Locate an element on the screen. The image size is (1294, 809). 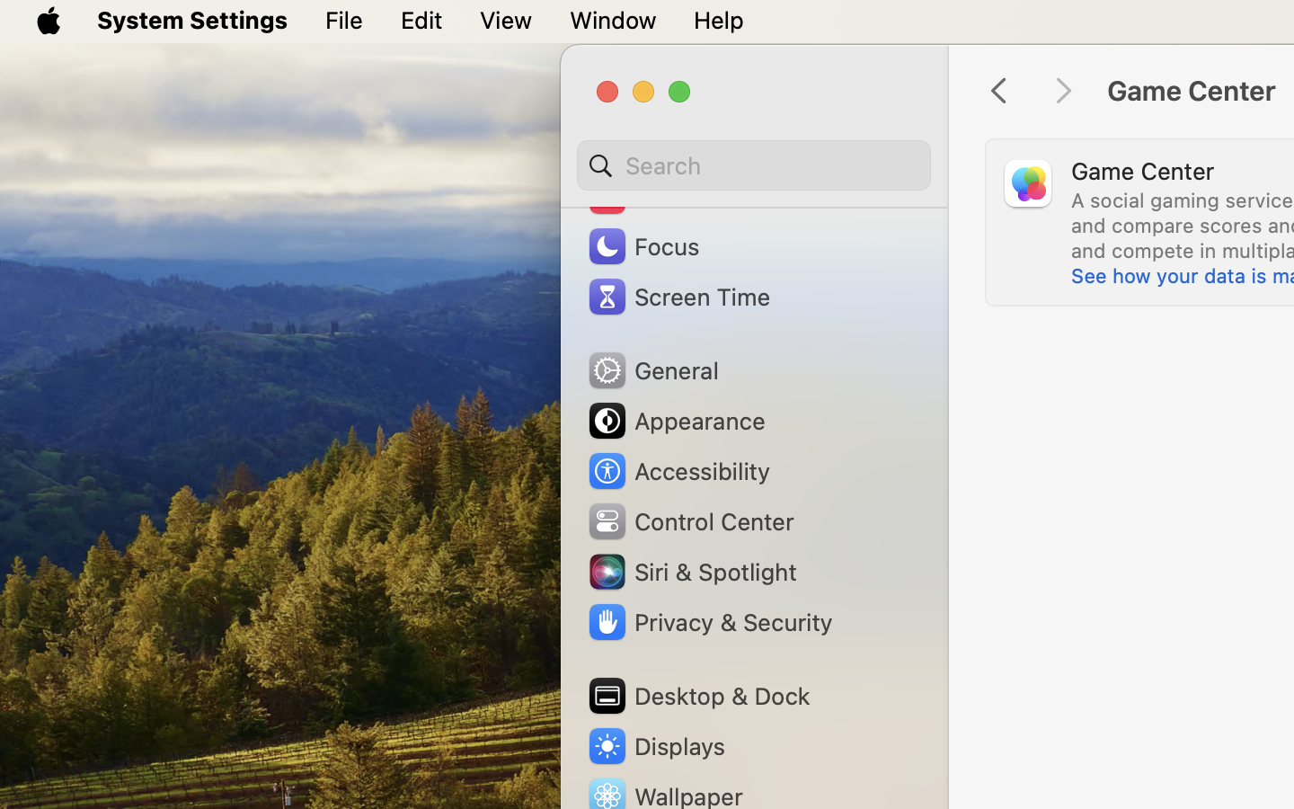
'General' is located at coordinates (651, 370).